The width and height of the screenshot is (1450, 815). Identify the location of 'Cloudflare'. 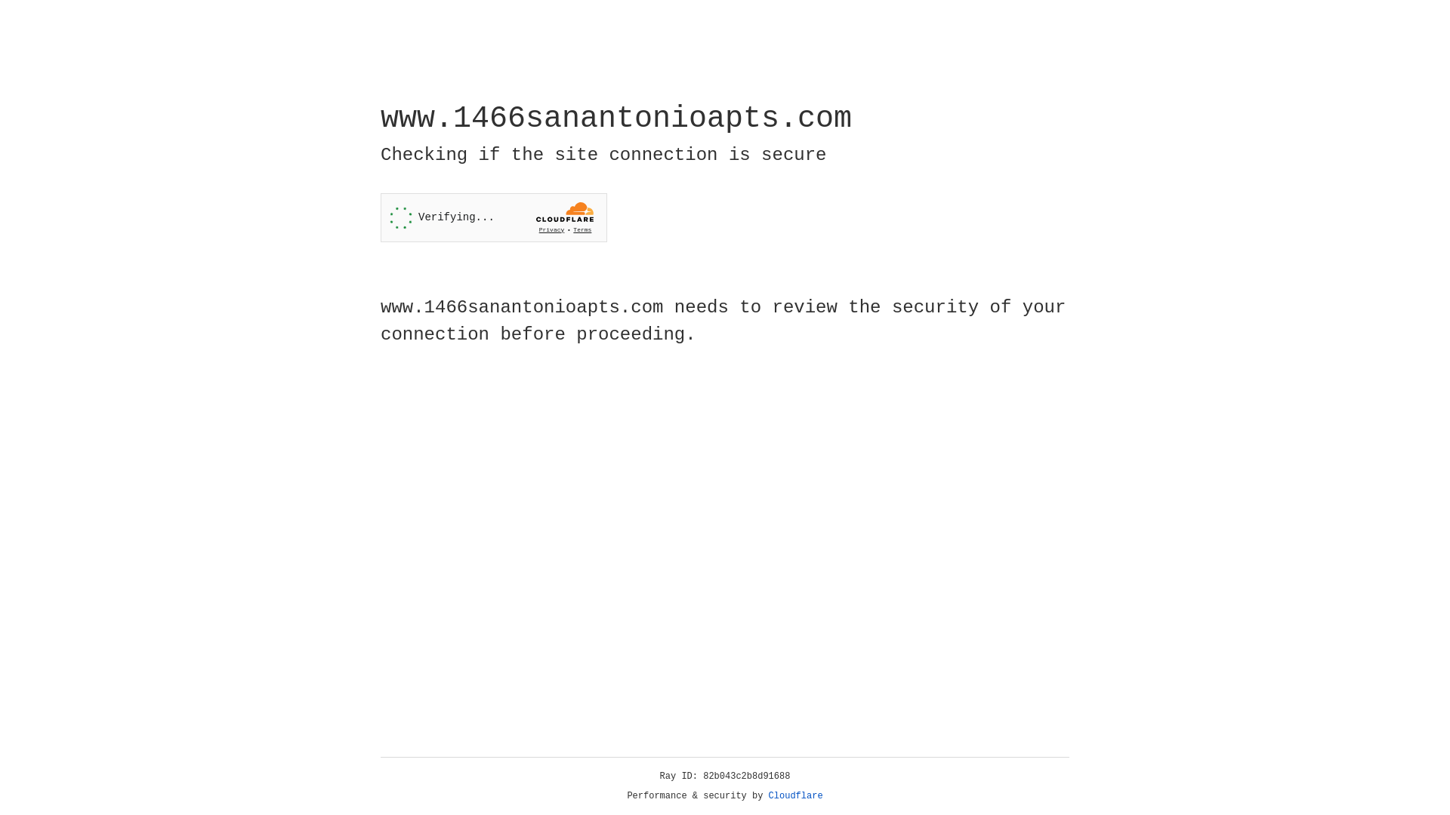
(768, 795).